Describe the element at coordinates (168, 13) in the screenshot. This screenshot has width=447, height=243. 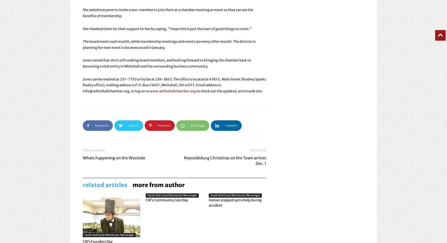
I see `'She asked everyone to invite a non-member to join them at a chamber meeting or event so they can see the benefits of membership.'` at that location.